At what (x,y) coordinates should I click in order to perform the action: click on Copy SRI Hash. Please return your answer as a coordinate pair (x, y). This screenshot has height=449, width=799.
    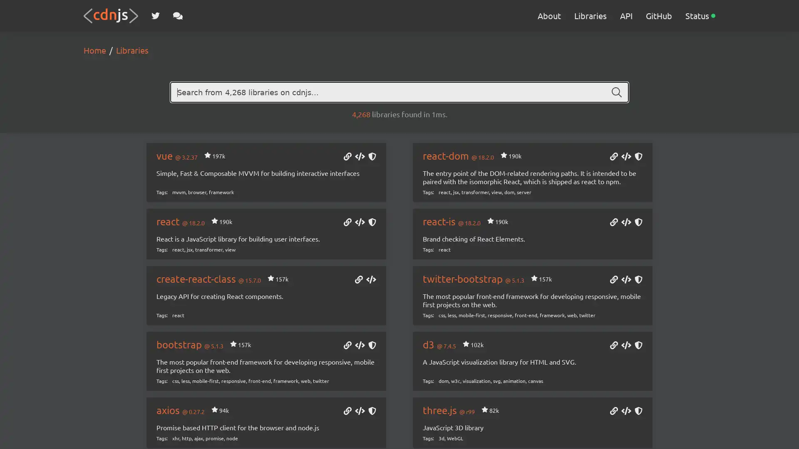
    Looking at the image, I should click on (638, 280).